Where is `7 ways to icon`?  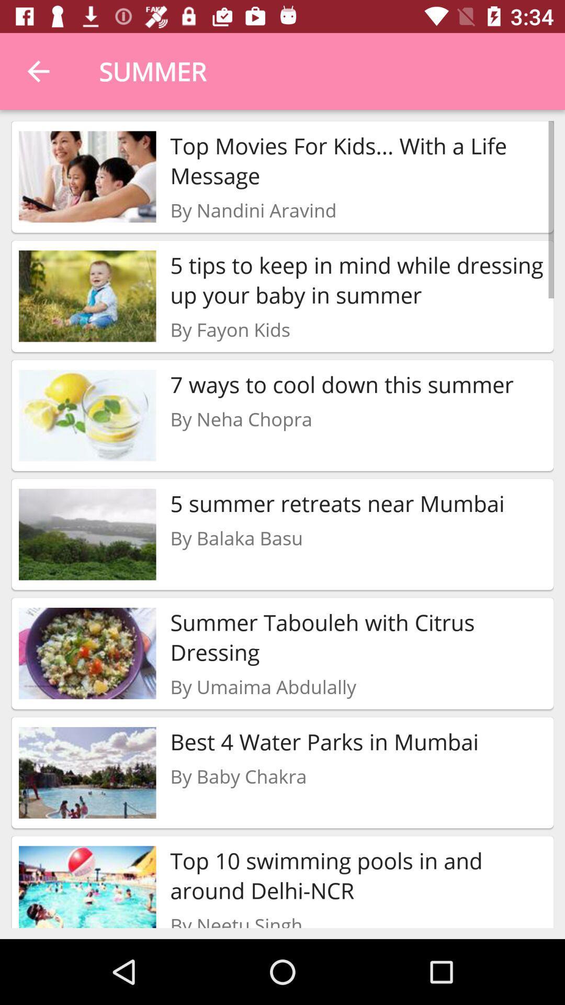 7 ways to icon is located at coordinates (342, 384).